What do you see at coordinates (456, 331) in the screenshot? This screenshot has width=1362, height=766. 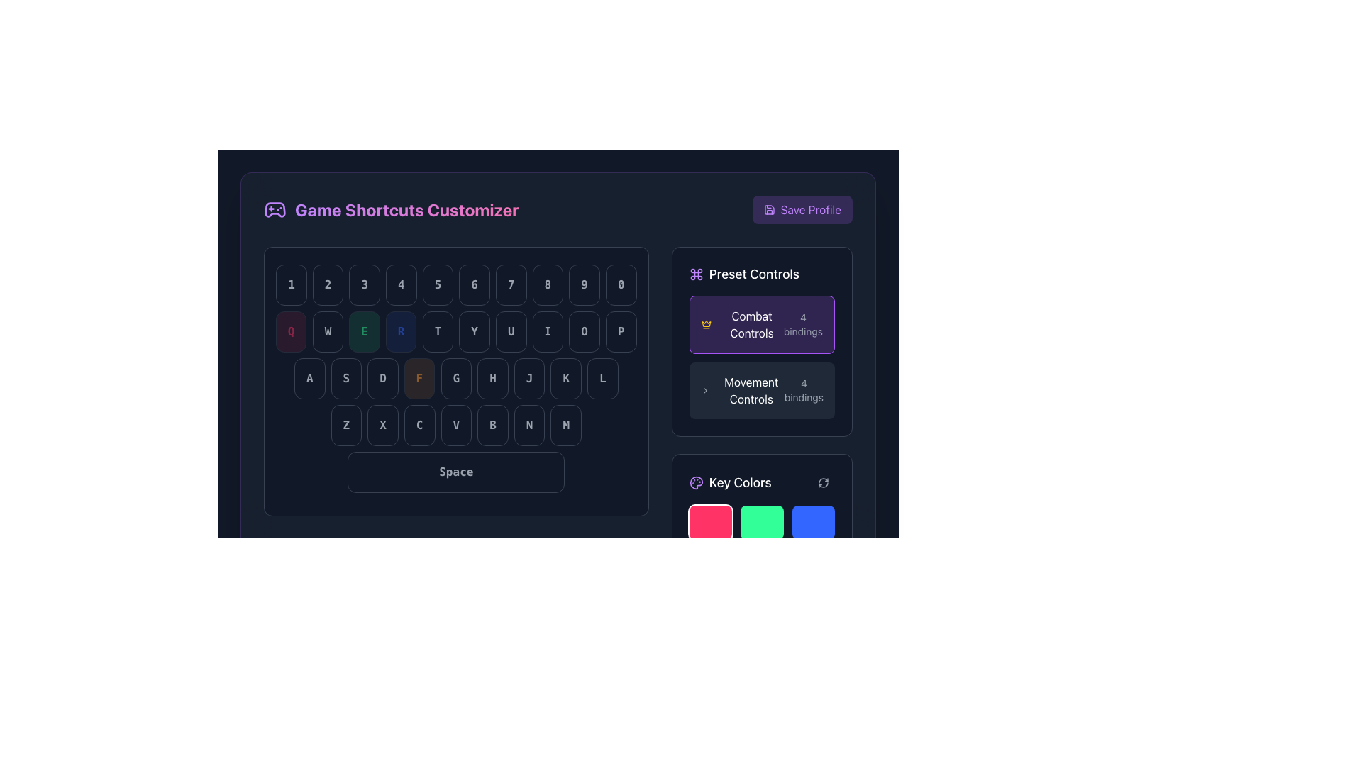 I see `the row of buttons representing keyboard keys, specifically the buttons labeled 'Q Ultimate Ability W E Special Attack R Reload T Y U I O P'` at bounding box center [456, 331].